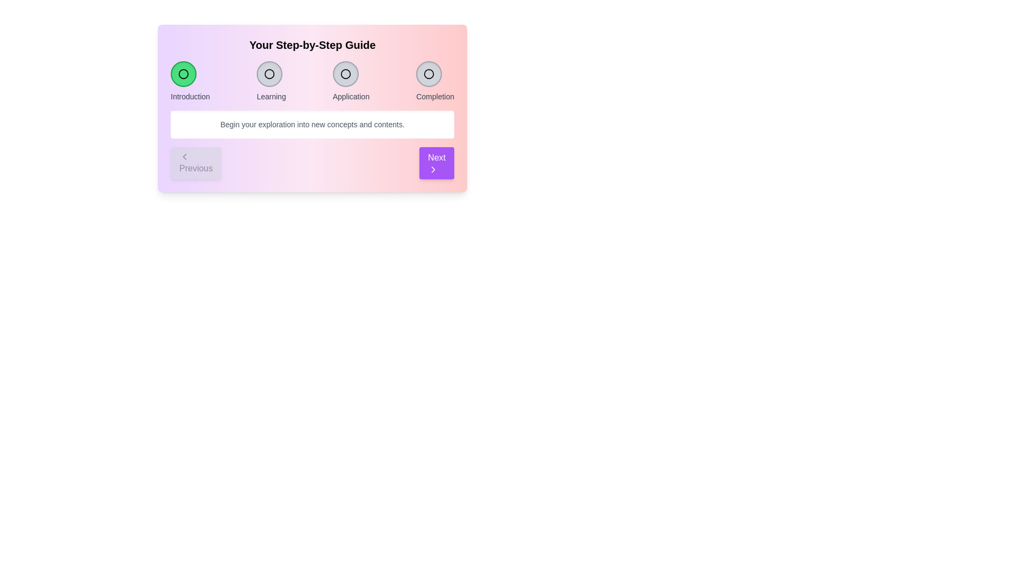 Image resolution: width=1031 pixels, height=580 pixels. Describe the element at coordinates (345, 74) in the screenshot. I see `the decorative SVG icon, which is the third icon in a horizontal sequence of four icons, positioned to the right of the second icon and to the left of the fourth icon` at that location.